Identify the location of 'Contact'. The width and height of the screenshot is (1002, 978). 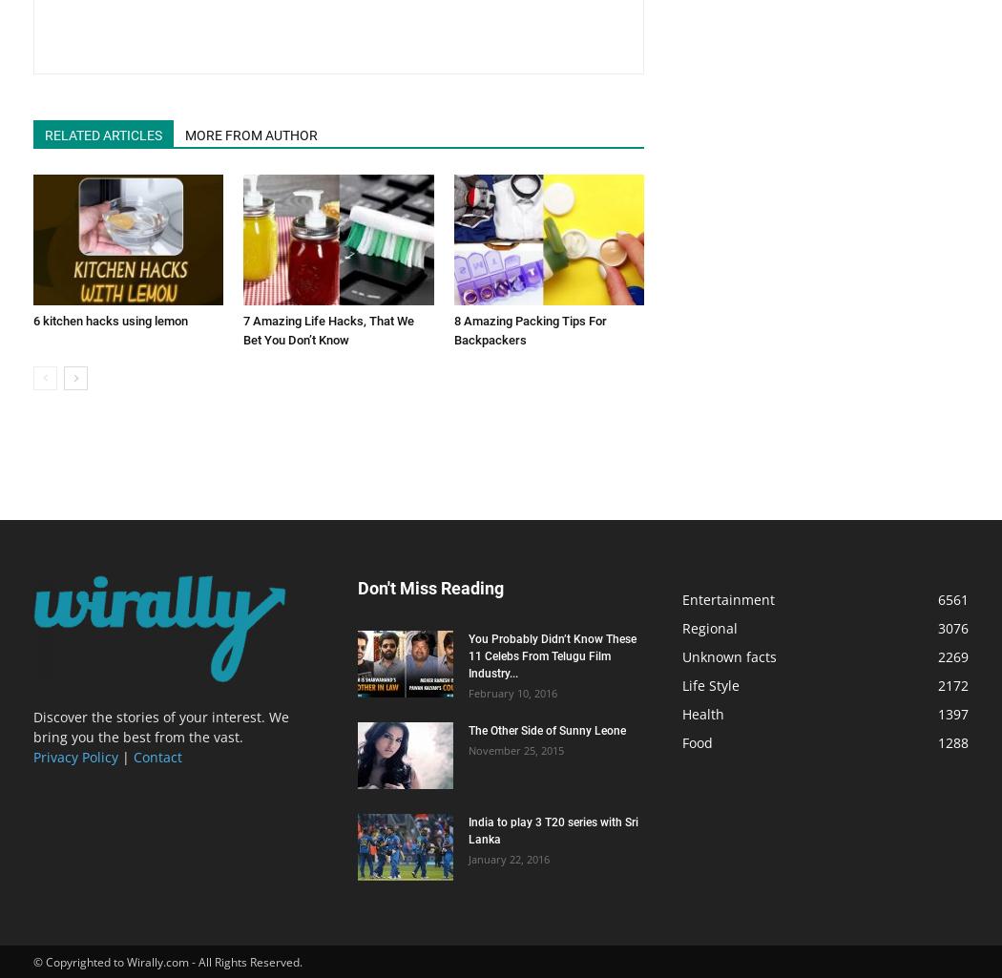
(132, 756).